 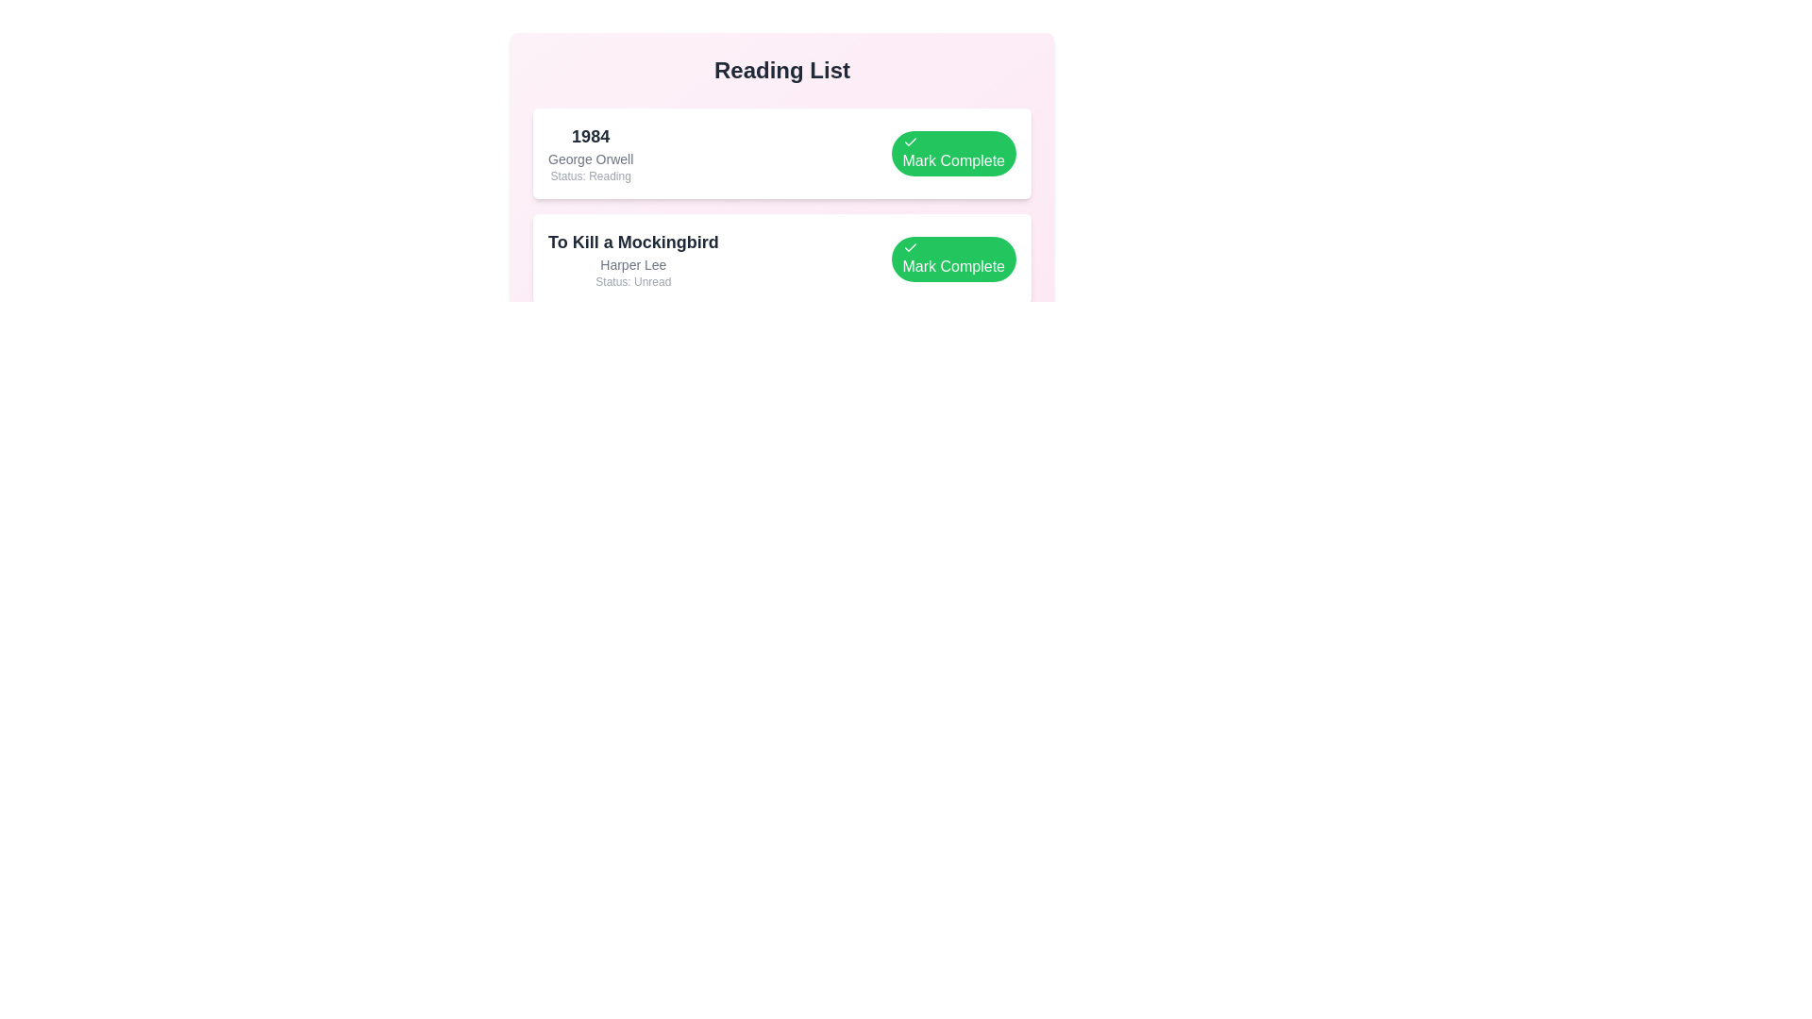 What do you see at coordinates (590, 136) in the screenshot?
I see `the book title 1984 for visual exploration` at bounding box center [590, 136].